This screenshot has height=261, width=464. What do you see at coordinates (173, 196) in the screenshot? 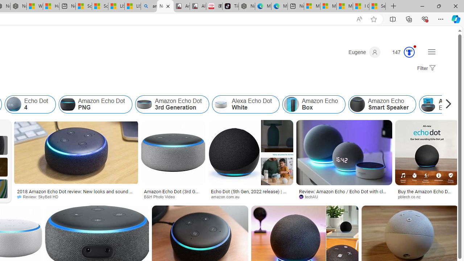
I see `'B&H Photo Video'` at bounding box center [173, 196].